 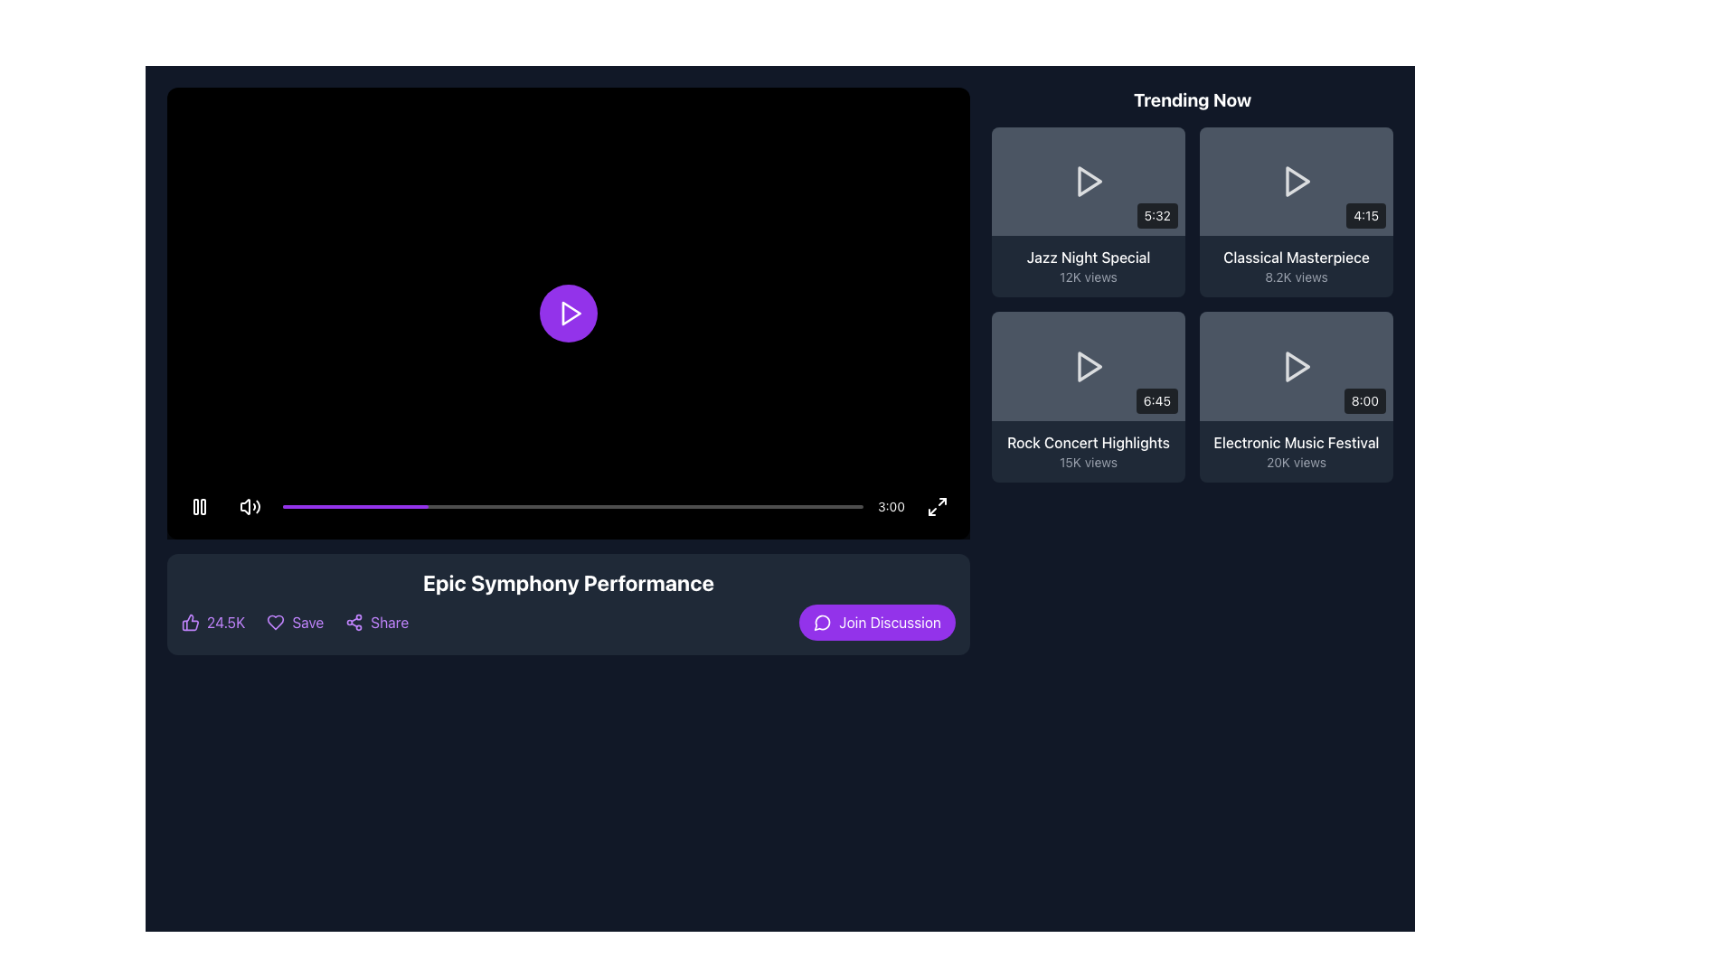 I want to click on the audio toggle button located at the bottom left corner of the video playback bar, so click(x=250, y=505).